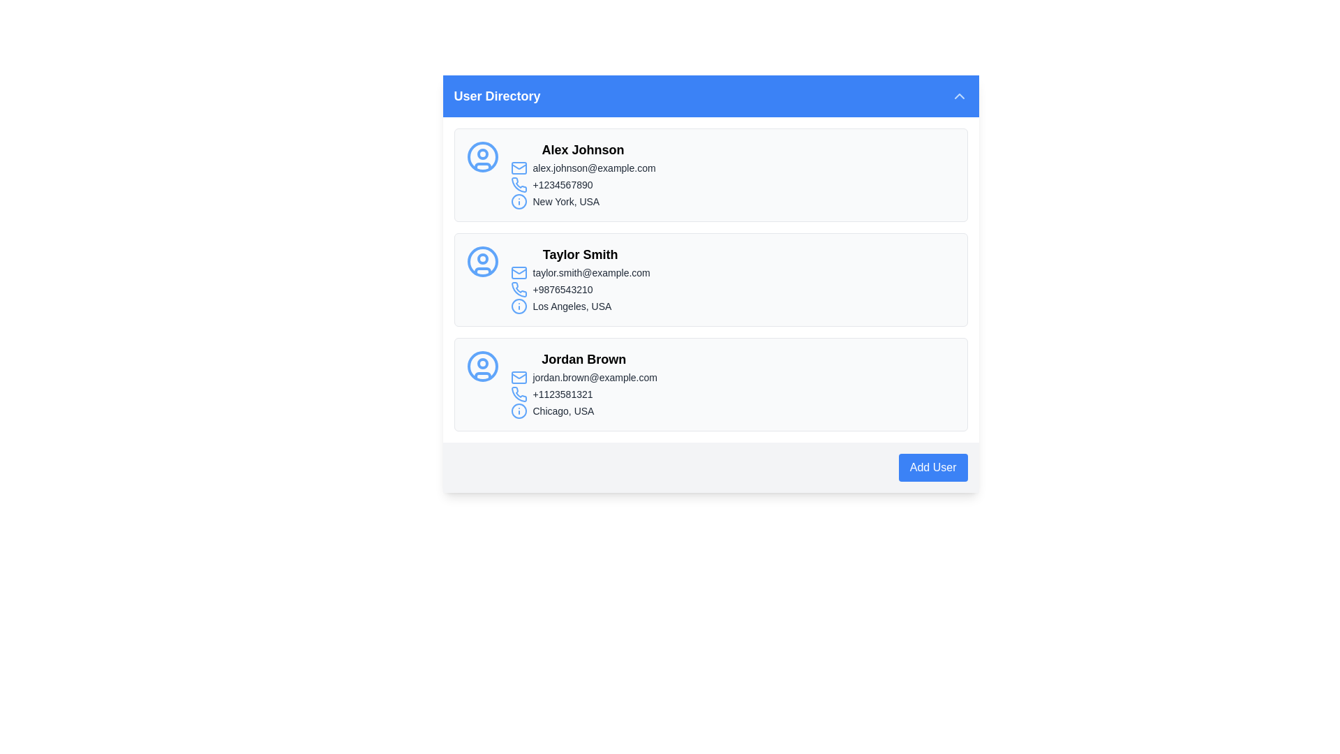 This screenshot has height=754, width=1340. What do you see at coordinates (518, 272) in the screenshot?
I see `the blue mail icon located to the left of the email address 'taylor.smith@example.com' in the contact card for Taylor Smith` at bounding box center [518, 272].